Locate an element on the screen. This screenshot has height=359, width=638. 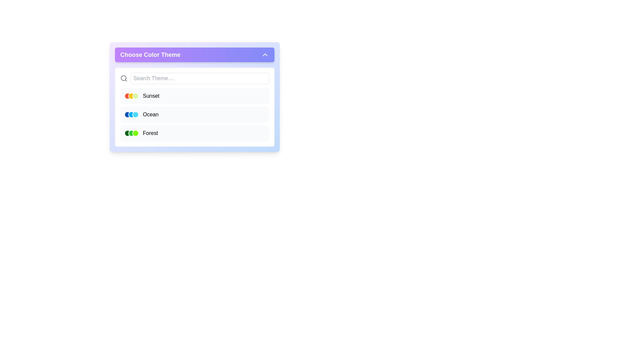
the 'Ocean' color theme option in the second row of the 'Choose Color Theme' list is located at coordinates (141, 114).